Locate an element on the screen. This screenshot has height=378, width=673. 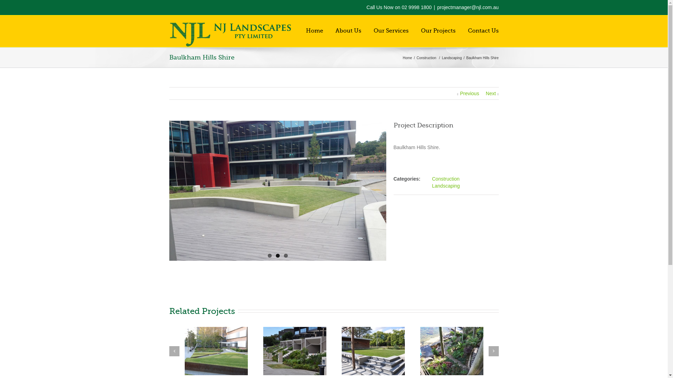
'Next' is located at coordinates (492, 93).